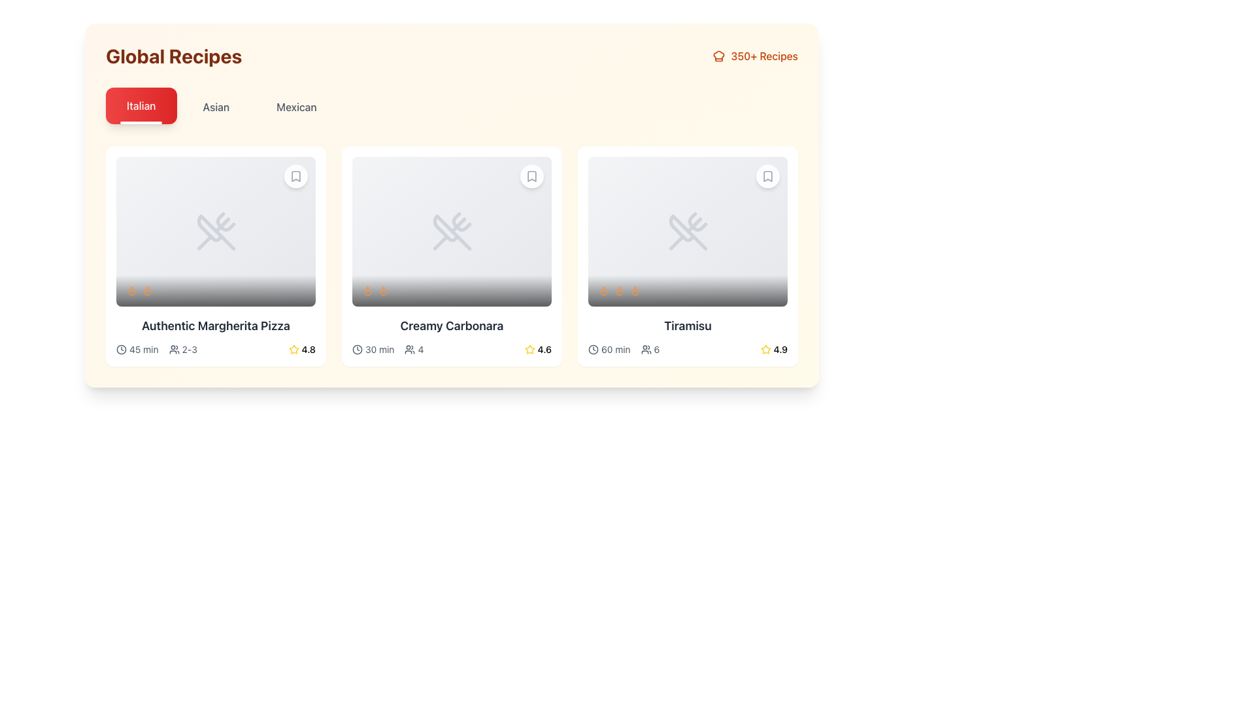 The height and width of the screenshot is (706, 1255). What do you see at coordinates (774, 348) in the screenshot?
I see `rating value from the rating indicator of the 'Tiramisu' recipe, which is a star icon accompanied by a numerical score in the third column of the recipe cards` at bounding box center [774, 348].